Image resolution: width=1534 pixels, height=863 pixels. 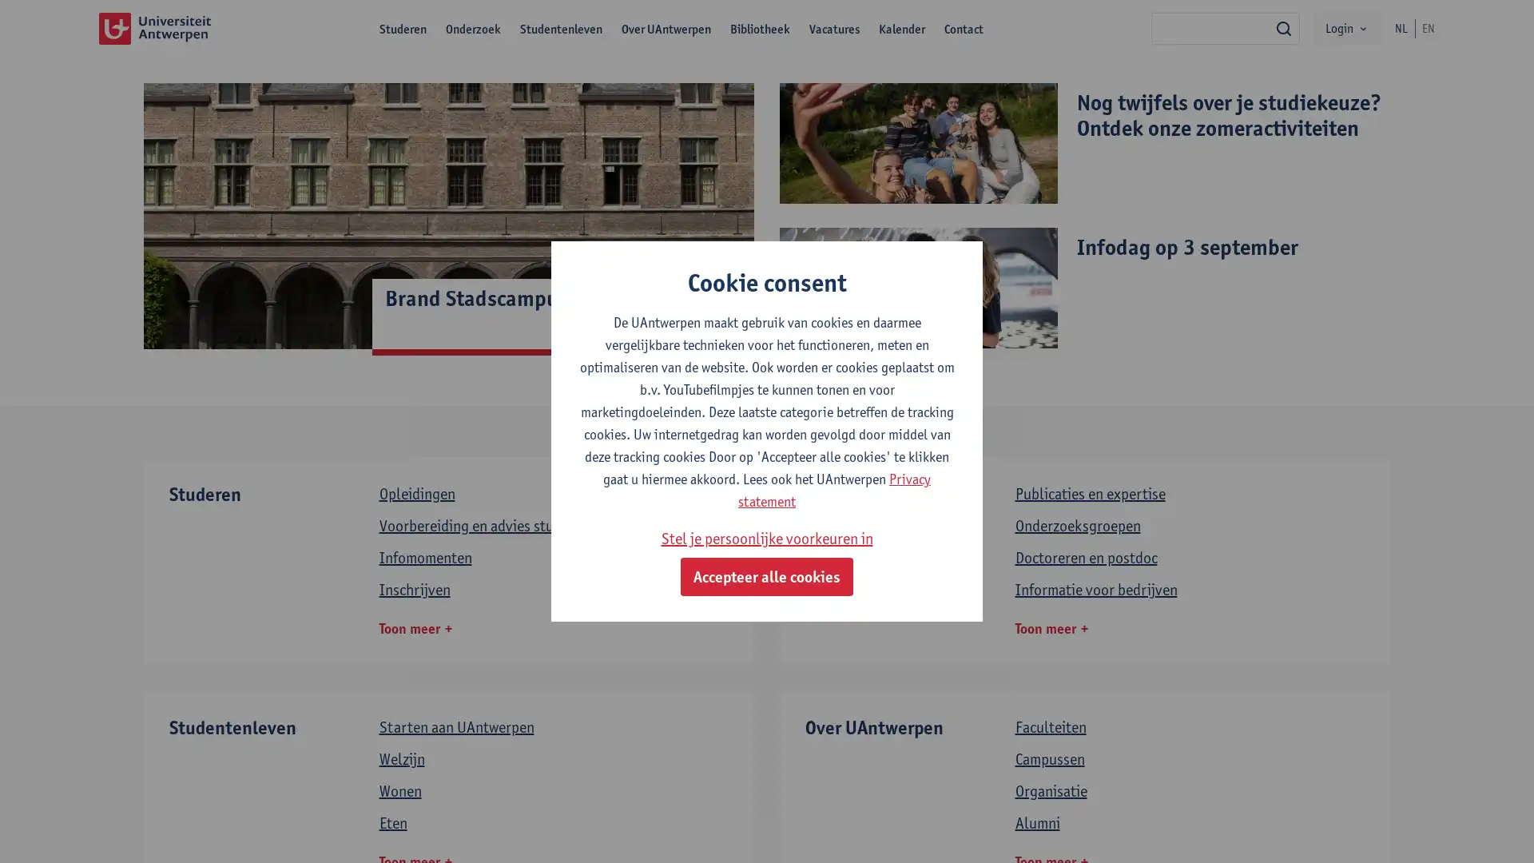 What do you see at coordinates (767, 576) in the screenshot?
I see `Accepteer alle cookies` at bounding box center [767, 576].